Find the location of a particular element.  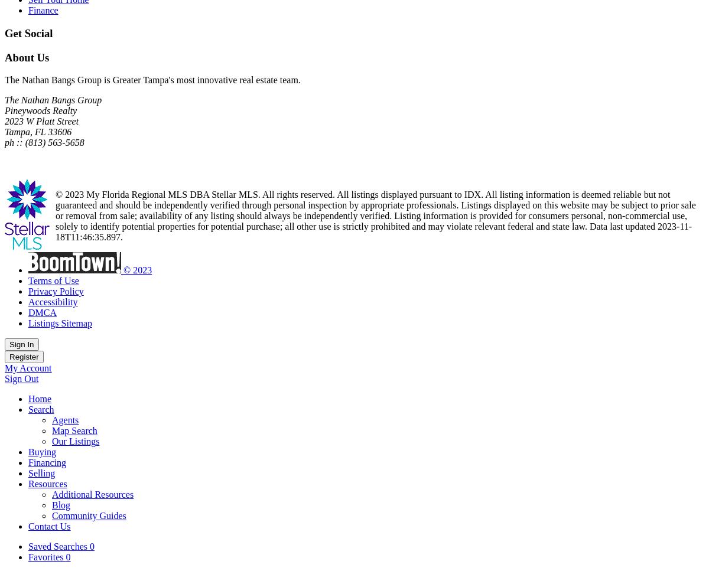

'Buying' is located at coordinates (42, 452).